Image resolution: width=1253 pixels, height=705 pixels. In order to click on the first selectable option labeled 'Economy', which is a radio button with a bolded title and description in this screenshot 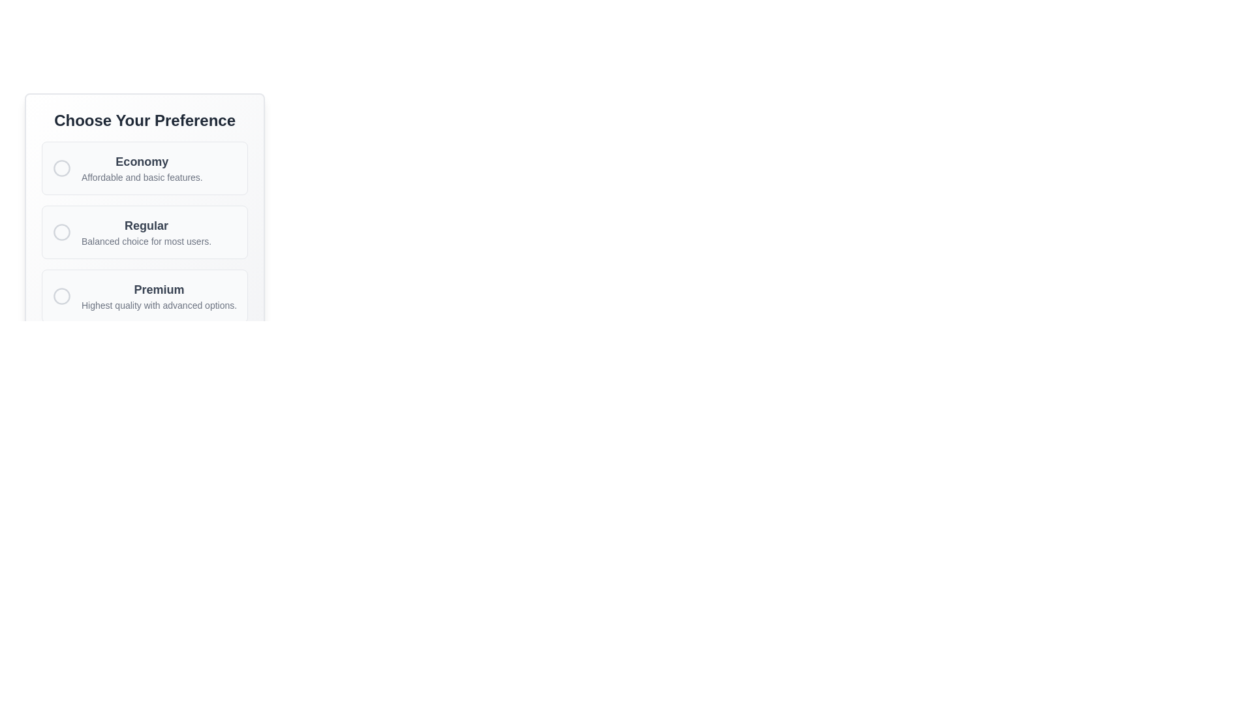, I will do `click(145, 168)`.